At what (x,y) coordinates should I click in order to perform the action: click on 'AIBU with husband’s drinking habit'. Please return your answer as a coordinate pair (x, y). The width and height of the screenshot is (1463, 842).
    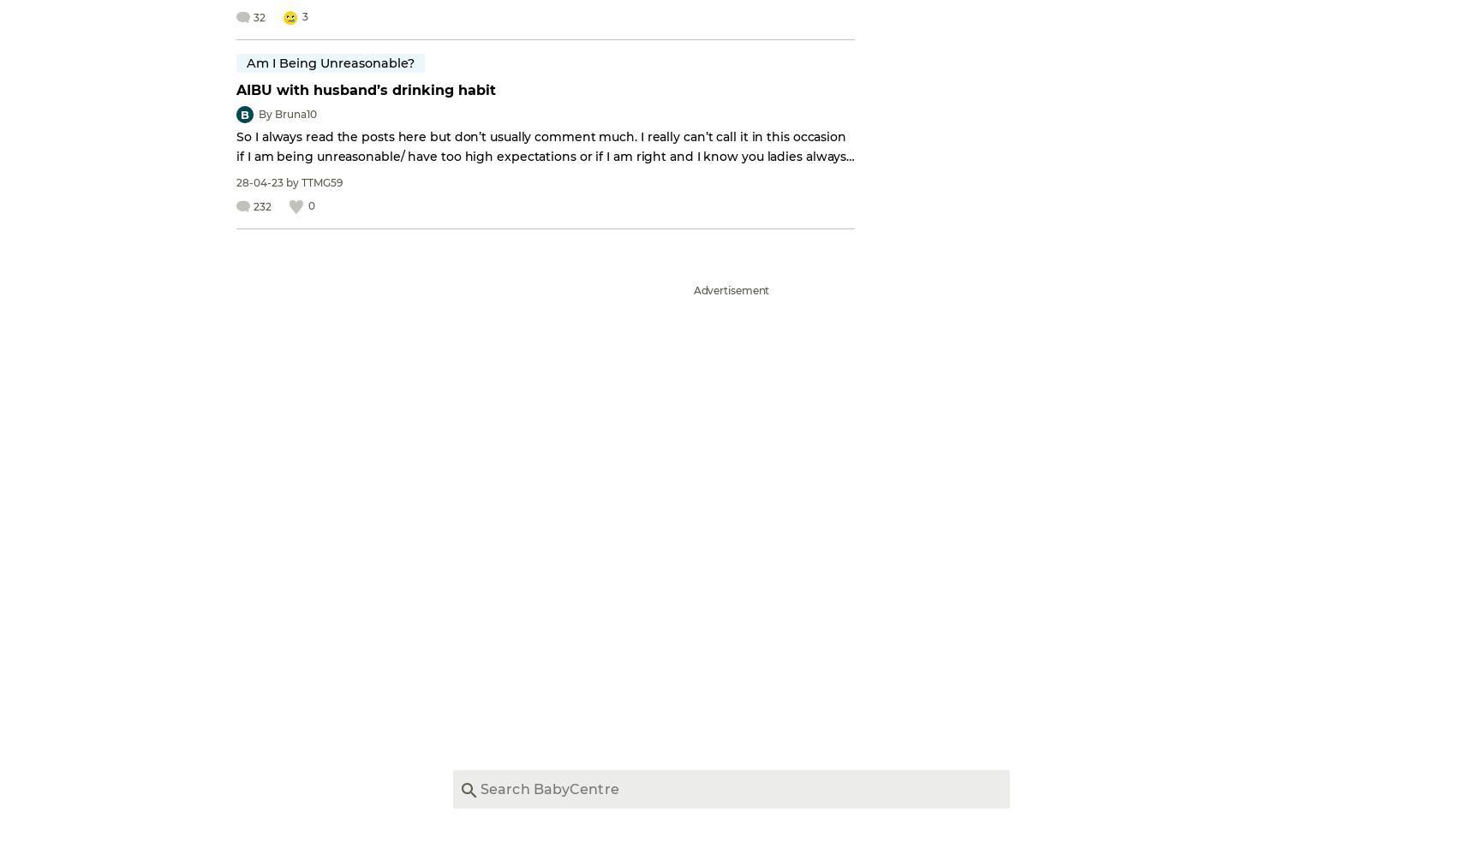
    Looking at the image, I should click on (236, 89).